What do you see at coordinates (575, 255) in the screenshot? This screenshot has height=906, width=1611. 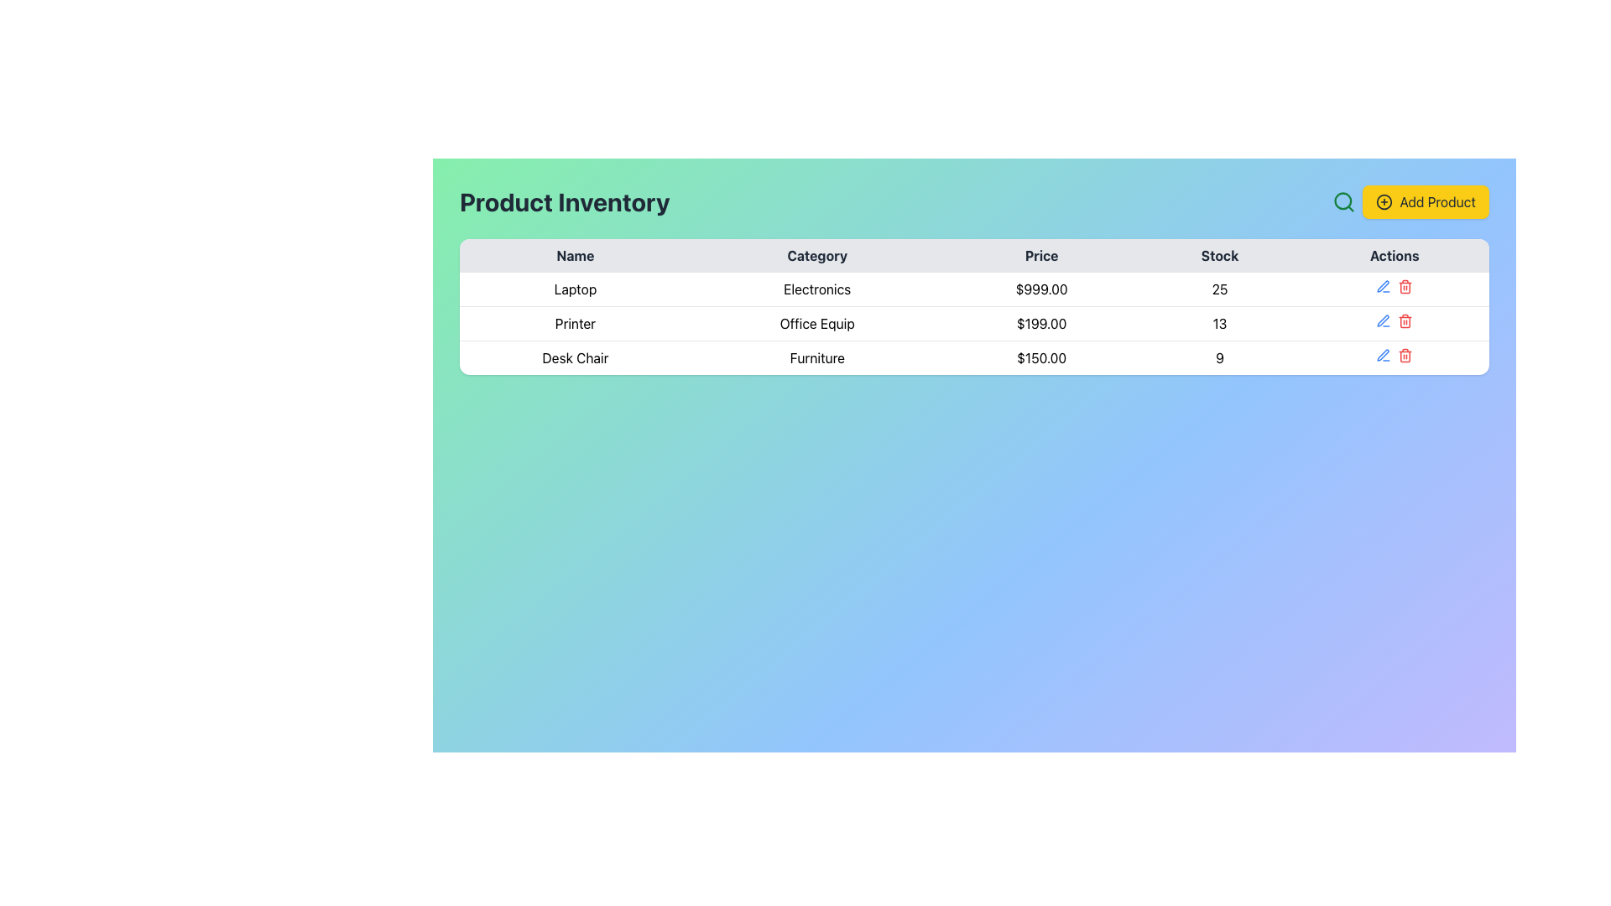 I see `text 'Name' displayed in the header of the first column titled 'Product Inventory' in the table` at bounding box center [575, 255].